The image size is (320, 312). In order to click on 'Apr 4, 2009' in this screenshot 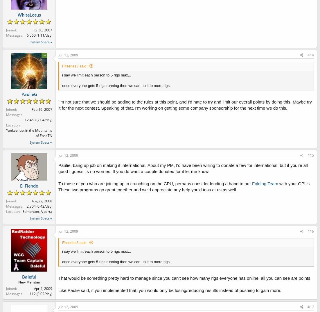, I will do `click(34, 288)`.